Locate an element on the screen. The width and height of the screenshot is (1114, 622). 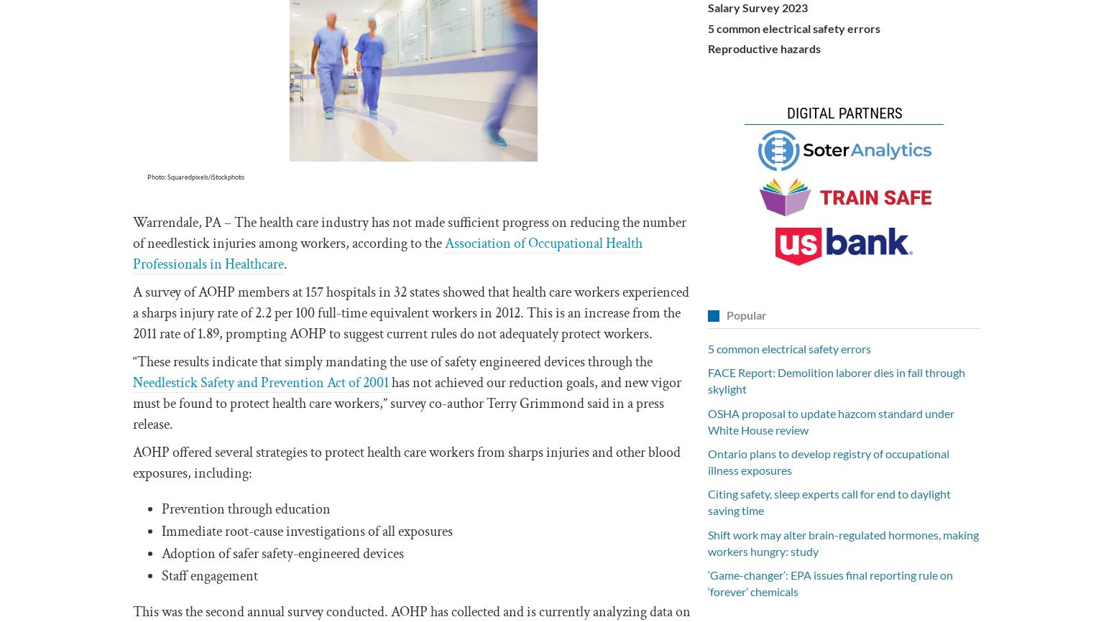
'‘Game-changer’: EPA issues final reporting rule on ‘forever’ chemicals' is located at coordinates (829, 582).